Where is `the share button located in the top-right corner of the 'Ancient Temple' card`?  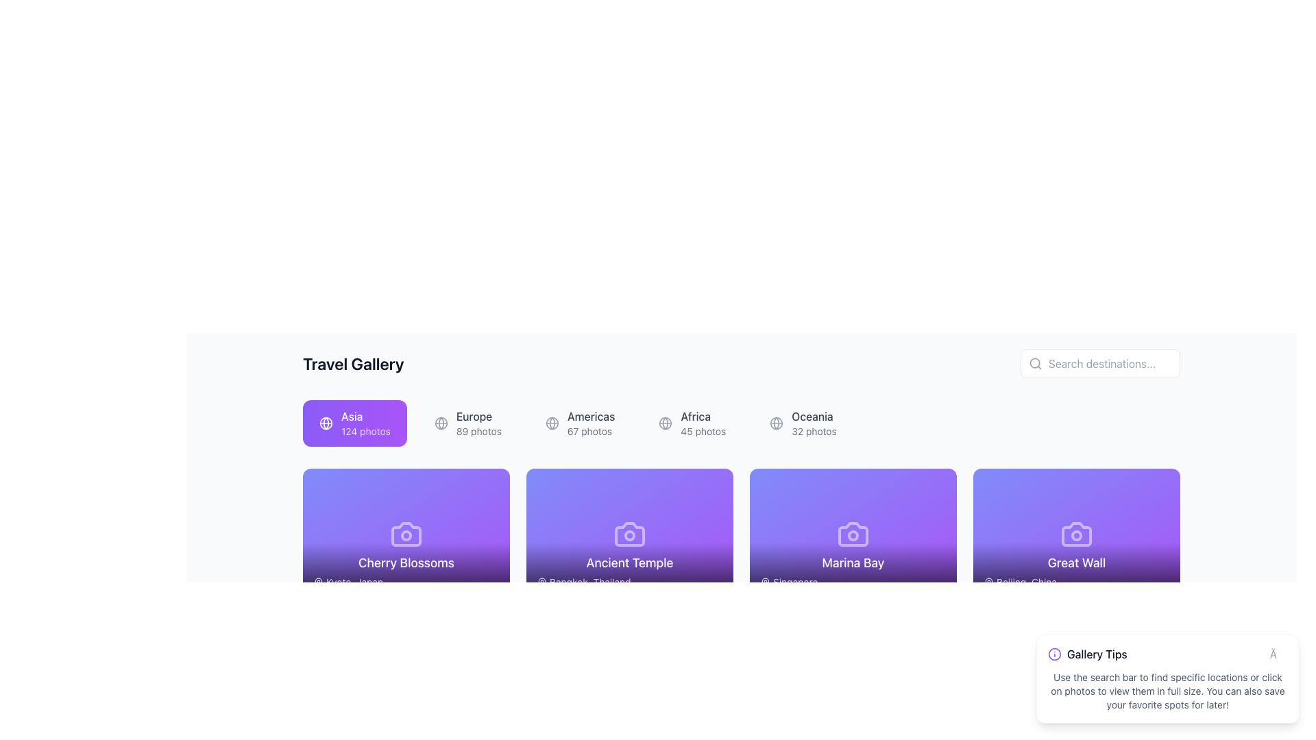 the share button located in the top-right corner of the 'Ancient Temple' card is located at coordinates (681, 491).